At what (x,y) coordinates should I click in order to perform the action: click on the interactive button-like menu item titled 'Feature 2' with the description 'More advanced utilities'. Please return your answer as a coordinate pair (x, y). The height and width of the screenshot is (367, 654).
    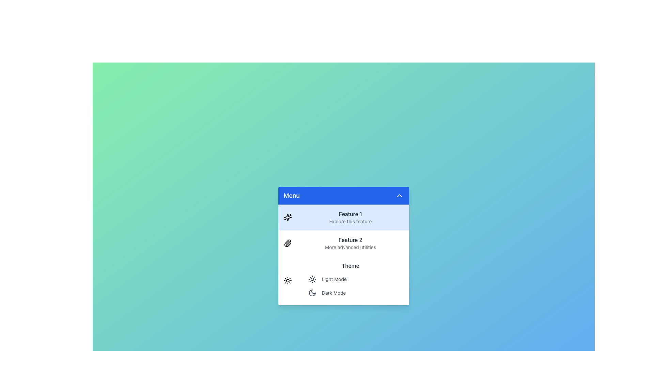
    Looking at the image, I should click on (343, 246).